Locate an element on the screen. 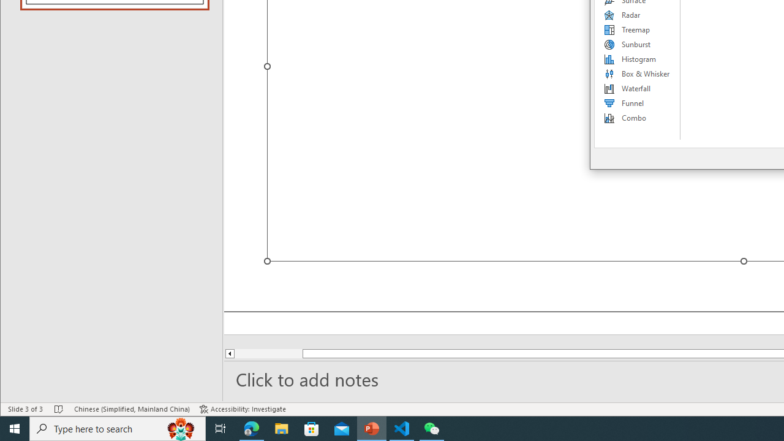  'Search highlights icon opens search home window' is located at coordinates (180, 428).